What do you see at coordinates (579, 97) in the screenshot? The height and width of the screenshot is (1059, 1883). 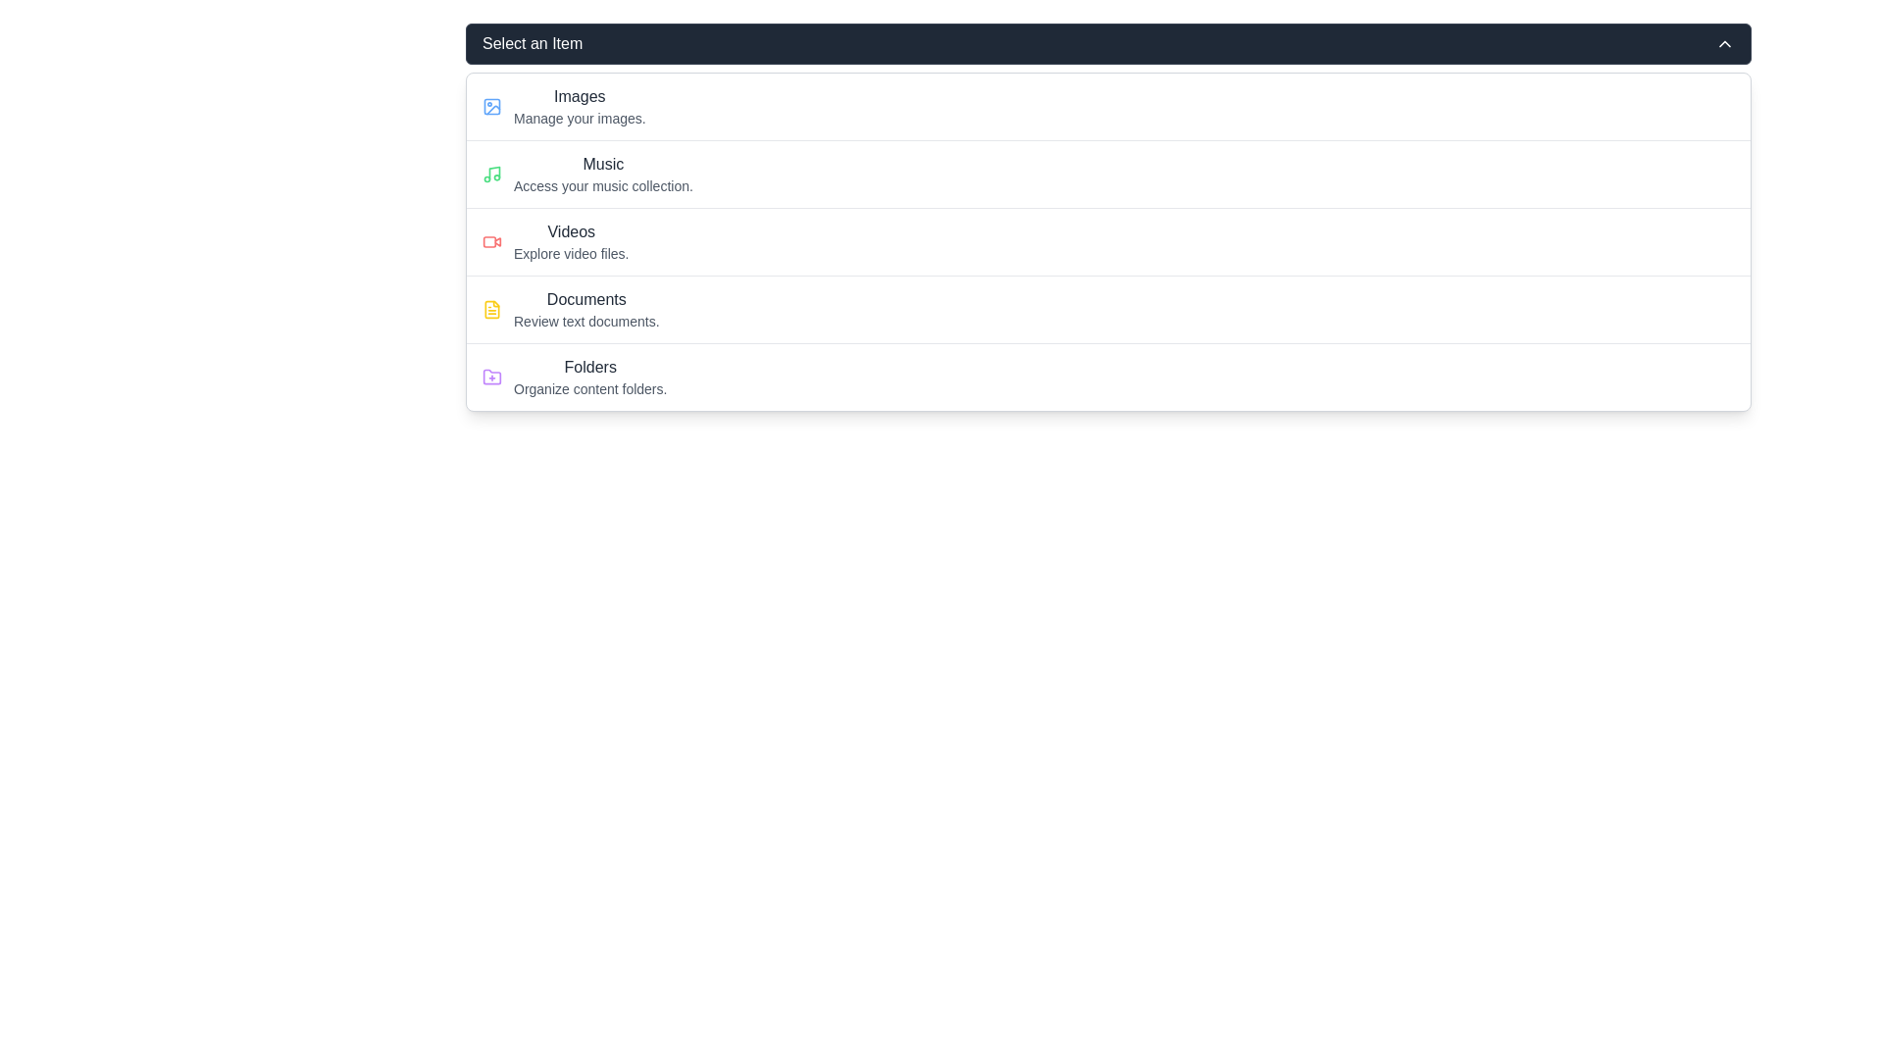 I see `text of the 'Images' label, which is styled with a medium-weight font and dark gray color, located near the top-left of the menu under 'Select an Item'` at bounding box center [579, 97].